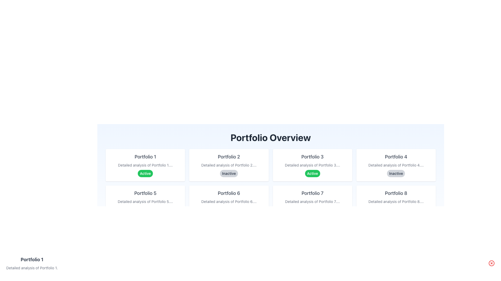 This screenshot has height=281, width=501. Describe the element at coordinates (32, 268) in the screenshot. I see `additional descriptive details about the 'Portfolio 1' item, which is the static text content positioned directly below its title` at that location.